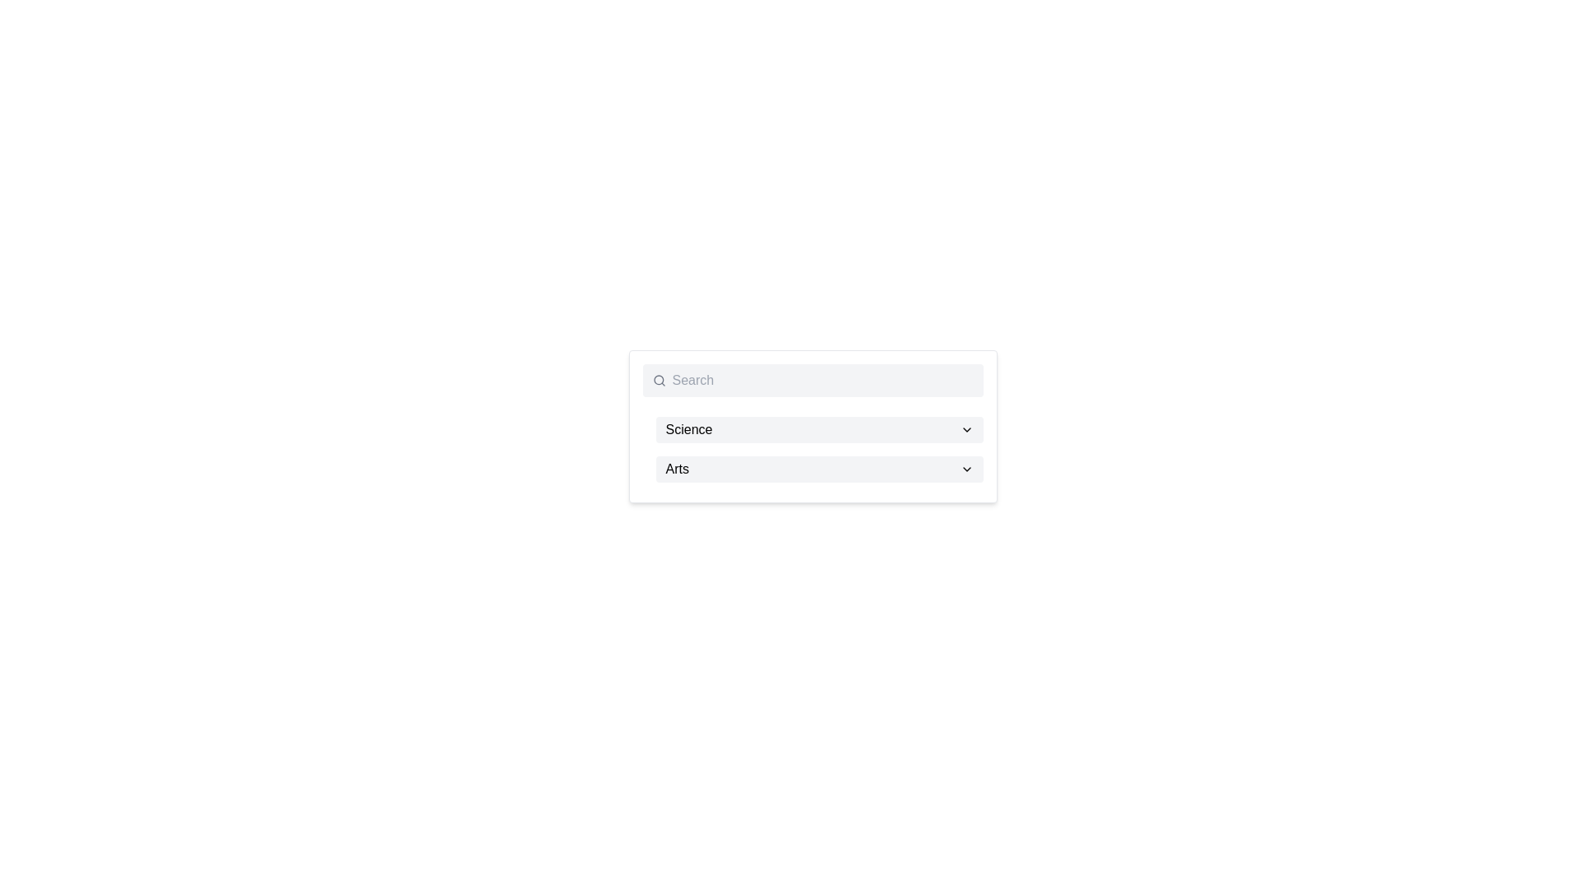  Describe the element at coordinates (819, 469) in the screenshot. I see `the second dropdown option located directly below the 'Science' dropdown` at that location.